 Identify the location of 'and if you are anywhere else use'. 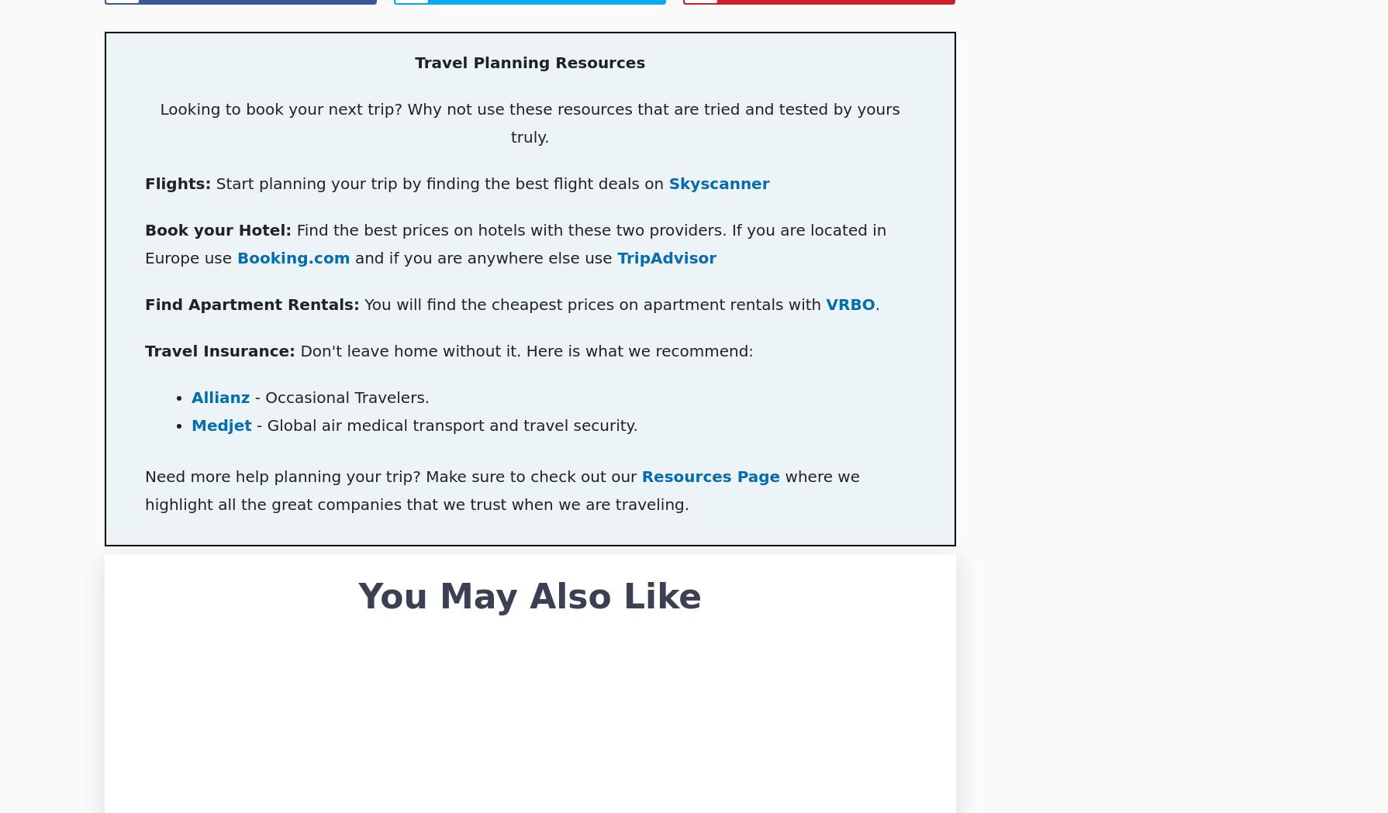
(480, 257).